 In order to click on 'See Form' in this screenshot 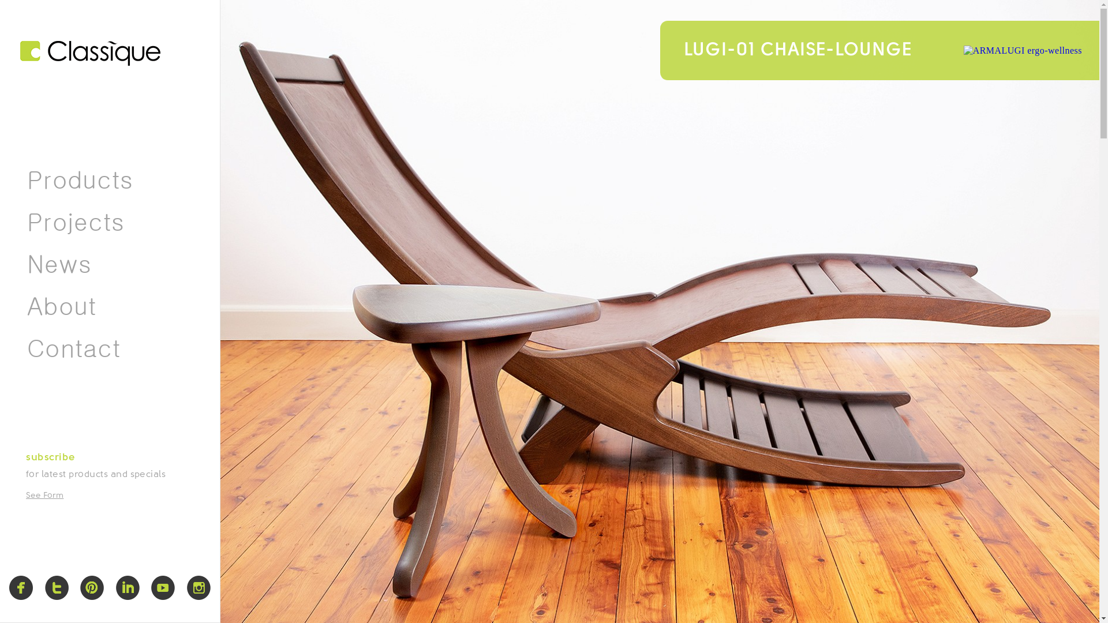, I will do `click(44, 495)`.